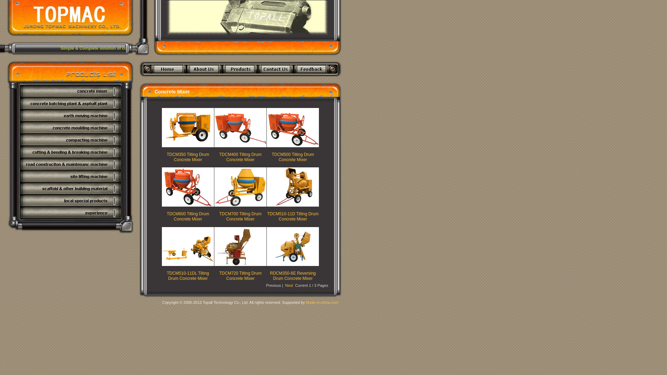 Image resolution: width=667 pixels, height=375 pixels. Describe the element at coordinates (293, 216) in the screenshot. I see `'TDCM510-11D Tilting Drum Concrete Mixer'` at that location.